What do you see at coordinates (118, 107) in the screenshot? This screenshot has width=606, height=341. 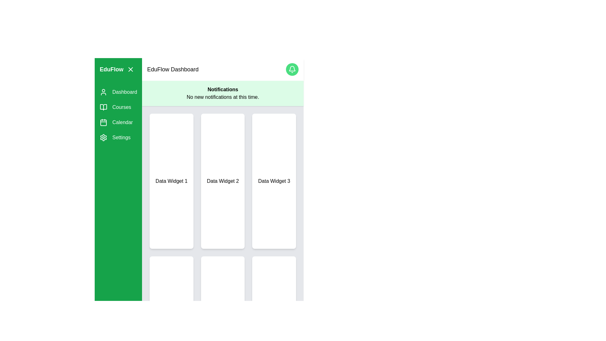 I see `the second navigational menu item that redirects to the 'Courses' section of the application` at bounding box center [118, 107].